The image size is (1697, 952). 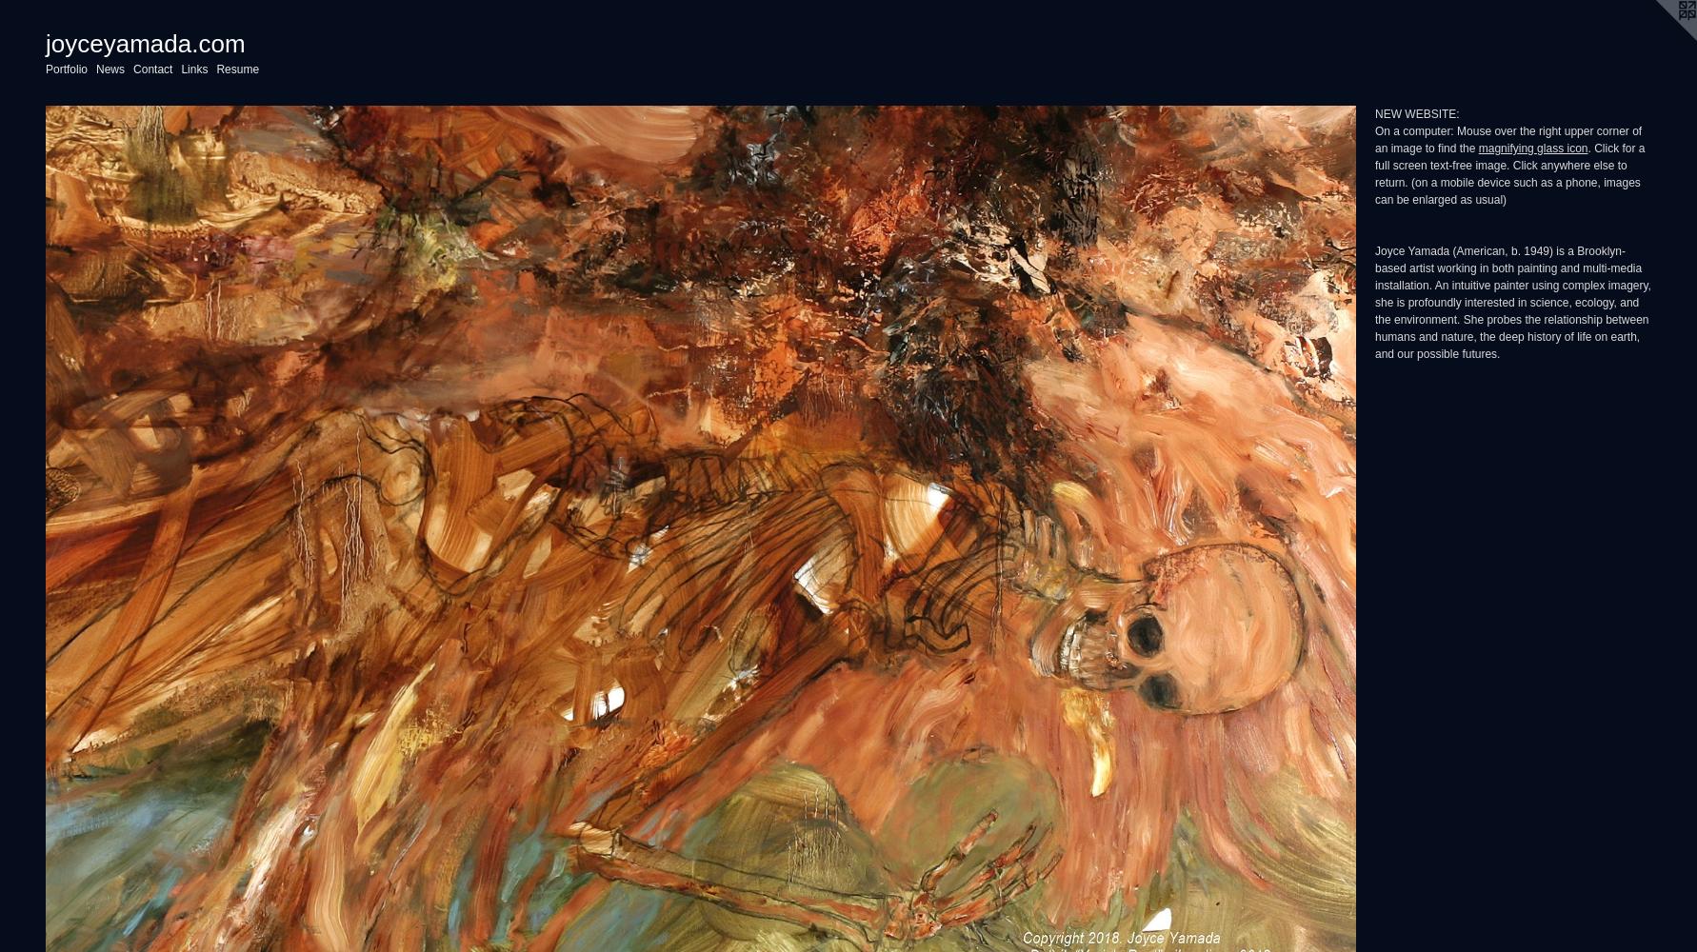 What do you see at coordinates (237, 69) in the screenshot?
I see `'Resume'` at bounding box center [237, 69].